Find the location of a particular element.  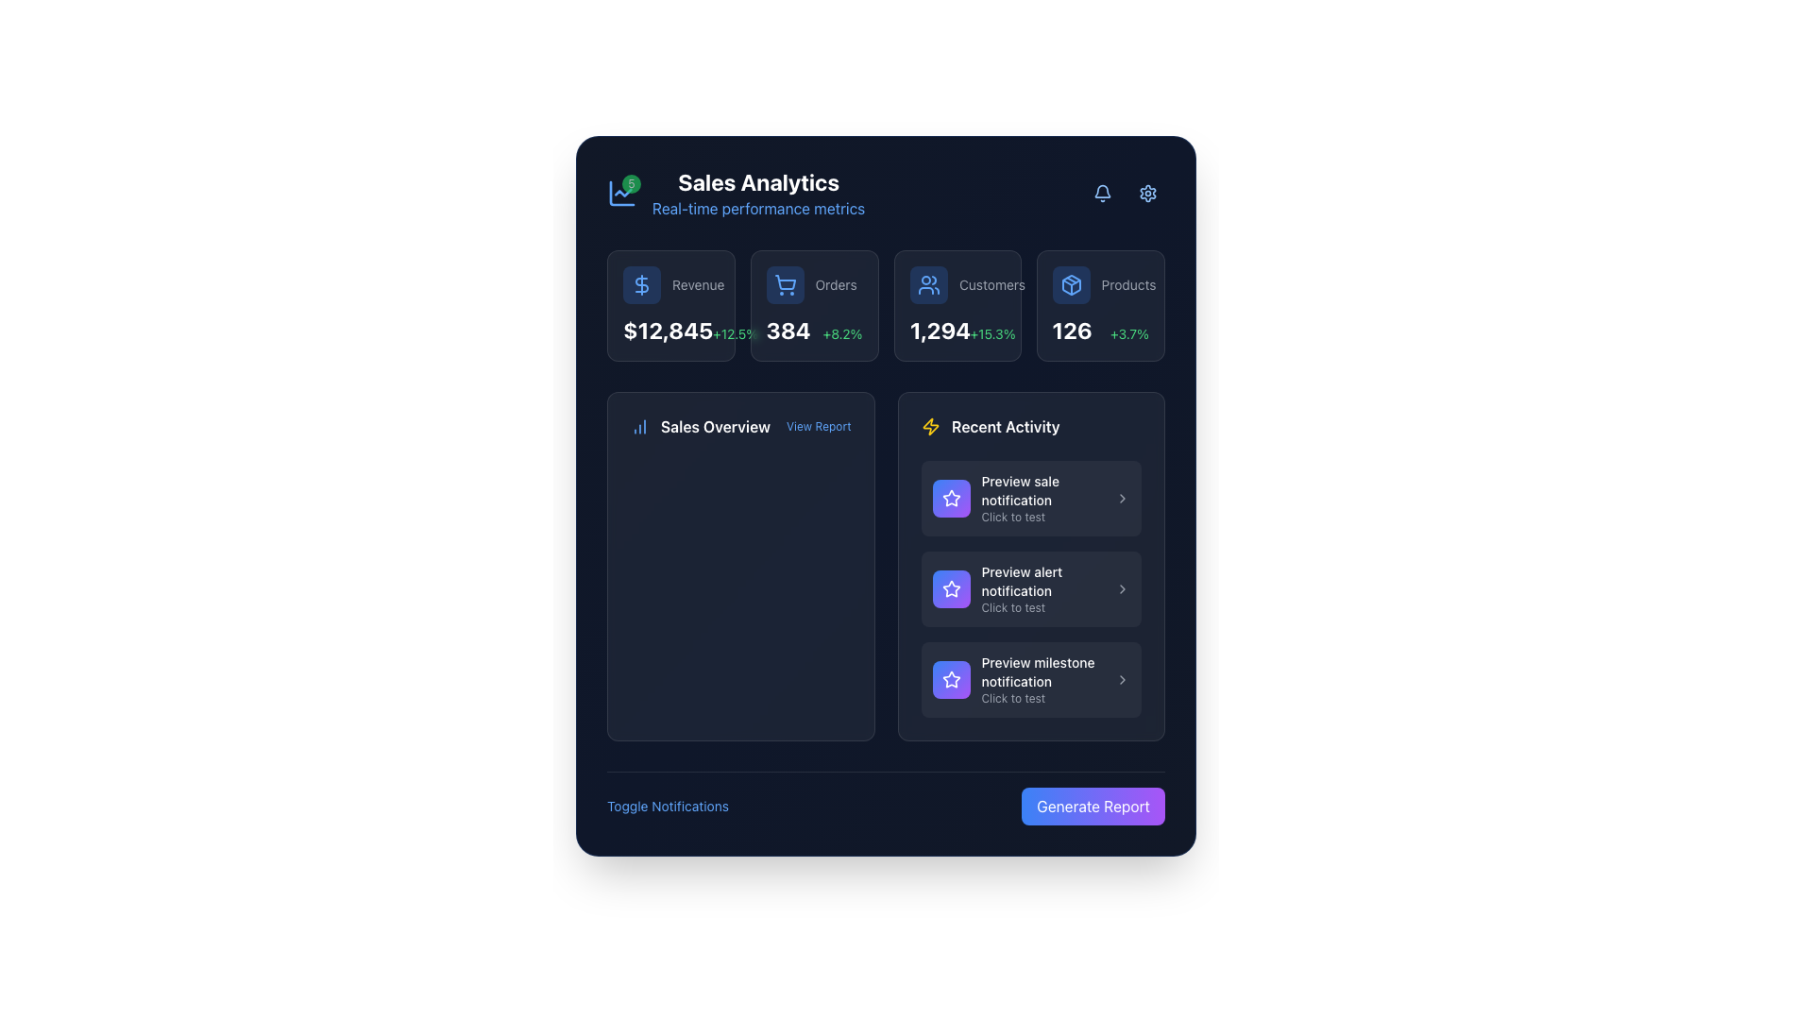

the icon in the top-right corner of the Recent Activity section, which serves as a label or title is located at coordinates (1030, 426).